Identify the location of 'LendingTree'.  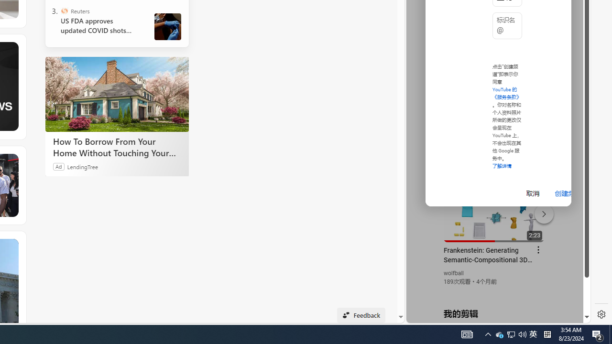
(82, 166).